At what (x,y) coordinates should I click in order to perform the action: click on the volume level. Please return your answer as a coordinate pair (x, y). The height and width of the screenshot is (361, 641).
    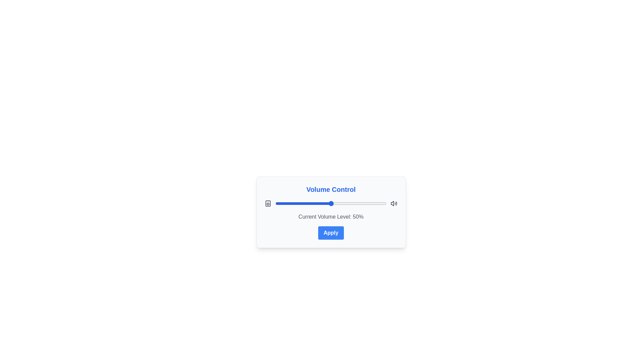
    Looking at the image, I should click on (359, 203).